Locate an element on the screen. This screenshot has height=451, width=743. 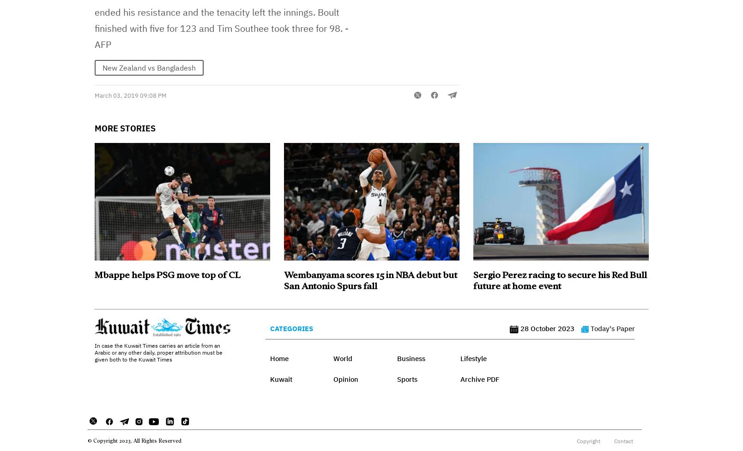
'In case the Kuwait Times
                                carries
                                an article
                                from an
                                Arabic or any other
                                daily, proper attribution
                                must be given both to the Kuwait Times' is located at coordinates (158, 352).